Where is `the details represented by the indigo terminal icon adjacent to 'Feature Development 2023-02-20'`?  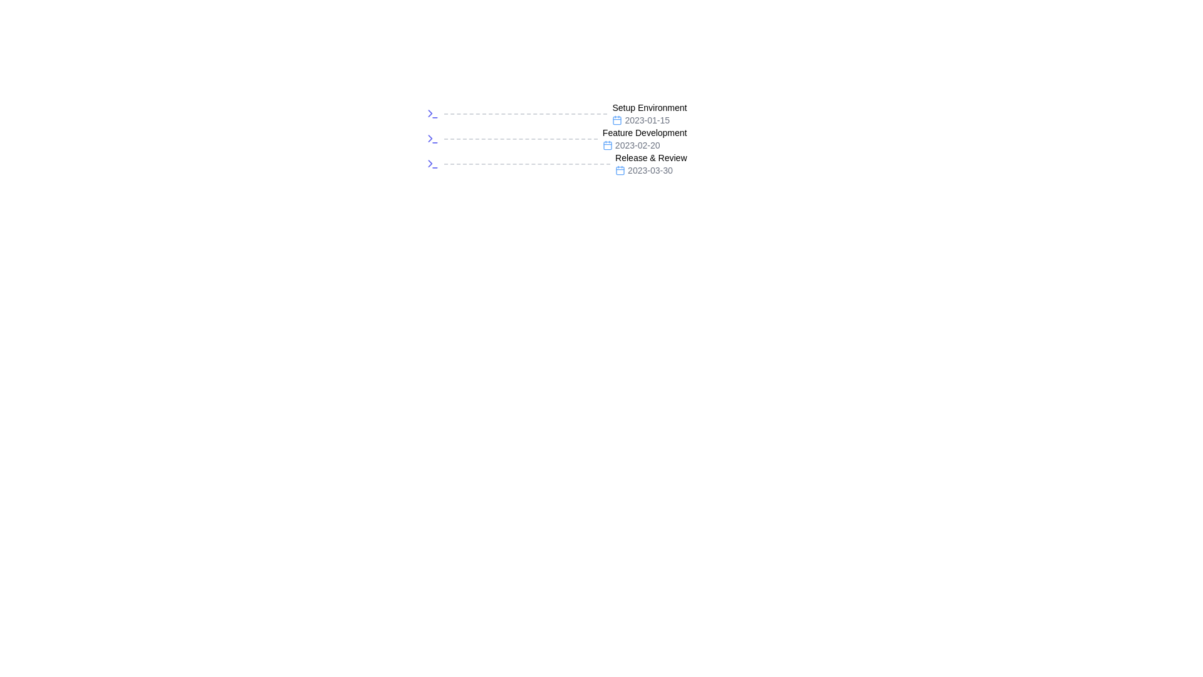
the details represented by the indigo terminal icon adjacent to 'Feature Development 2023-02-20' is located at coordinates (432, 139).